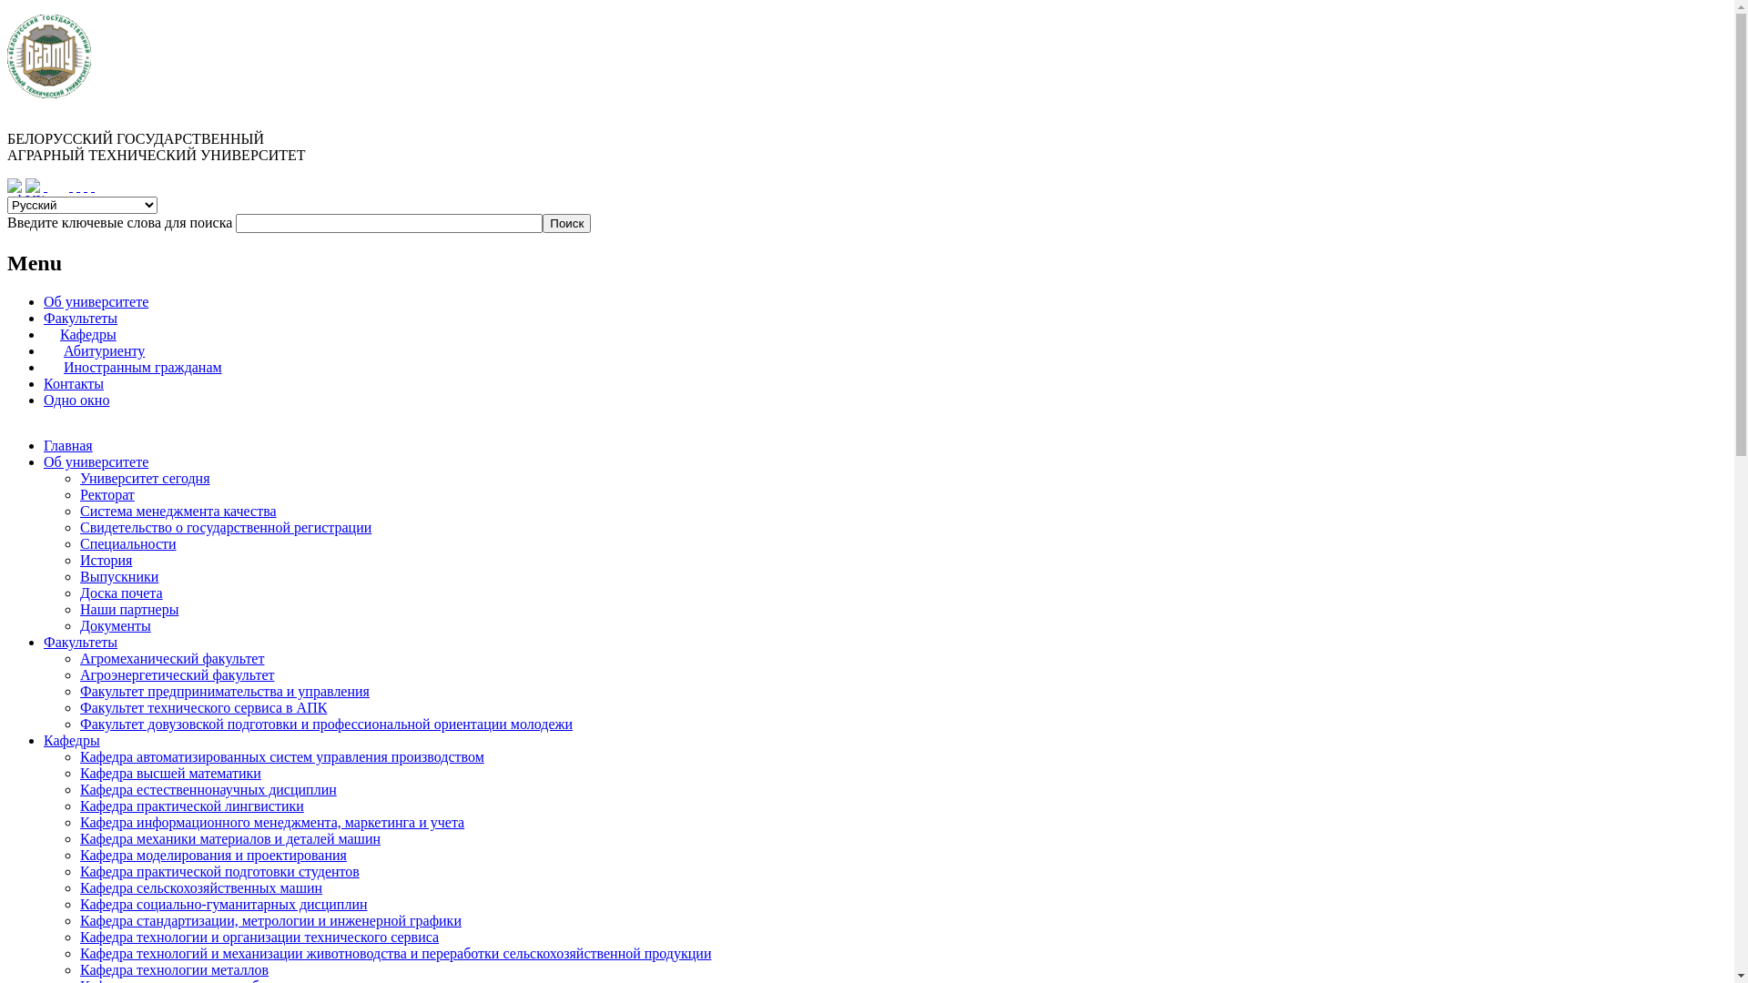 The height and width of the screenshot is (983, 1748). I want to click on ' ', so click(91, 186).